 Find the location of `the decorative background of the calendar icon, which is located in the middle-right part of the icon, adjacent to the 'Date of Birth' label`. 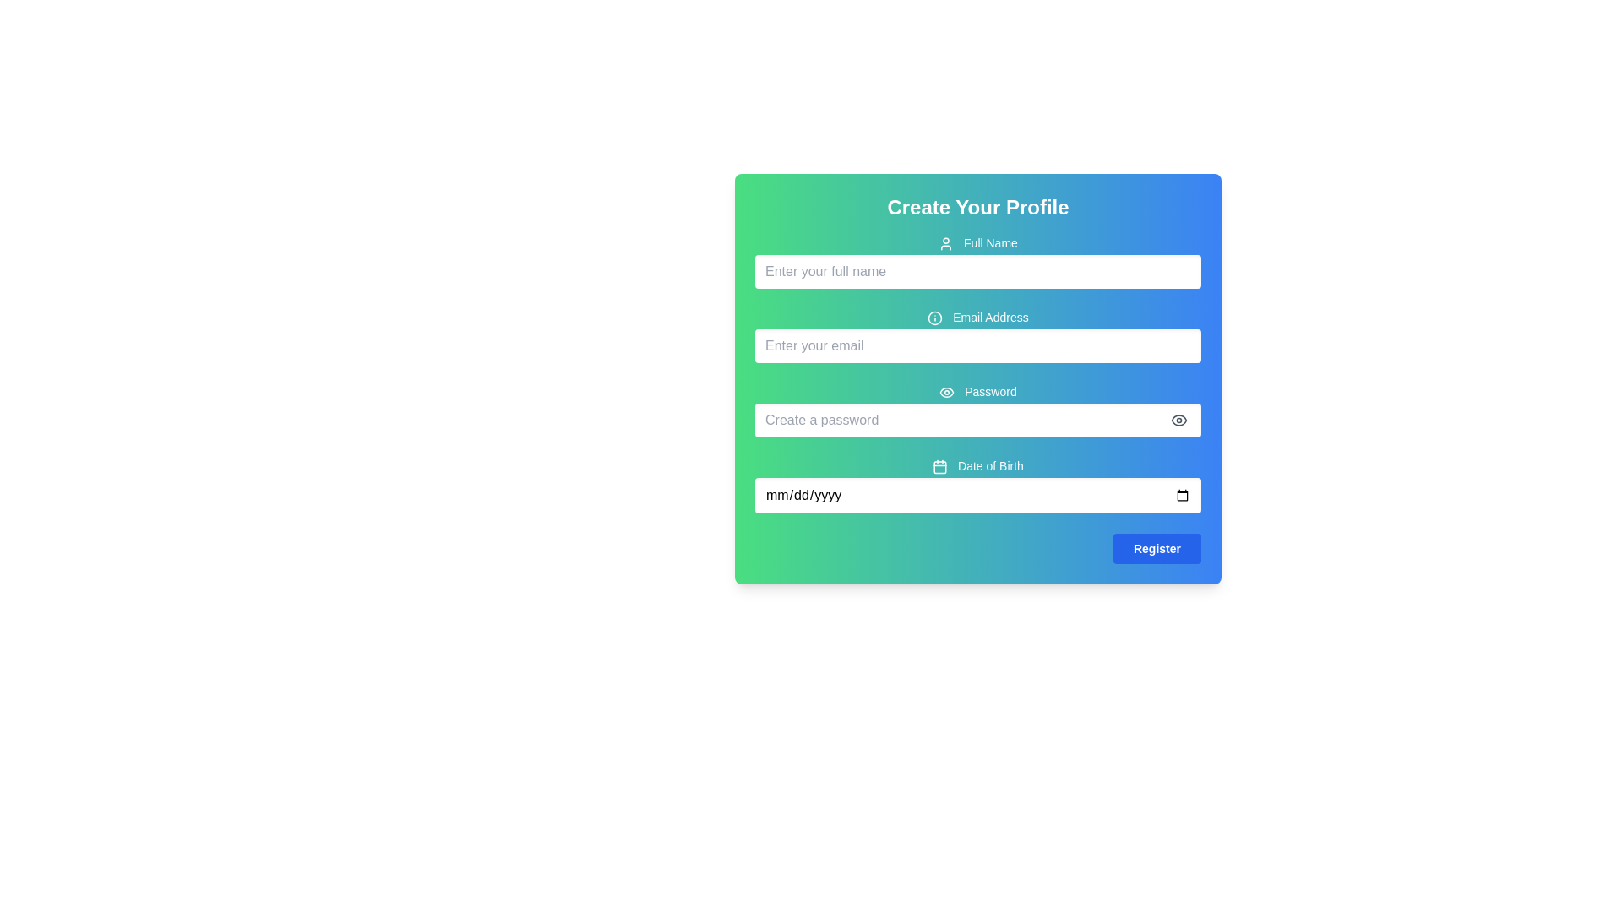

the decorative background of the calendar icon, which is located in the middle-right part of the icon, adjacent to the 'Date of Birth' label is located at coordinates (939, 467).